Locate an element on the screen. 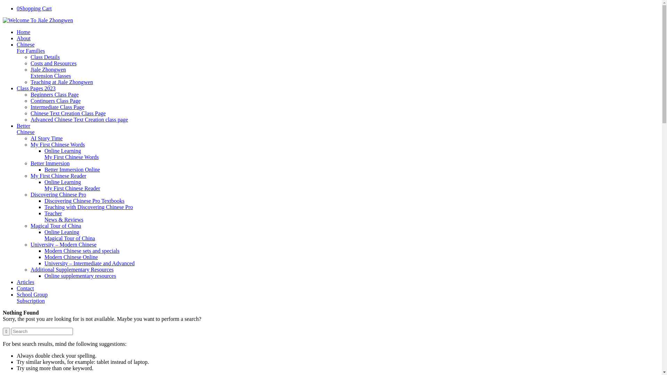  'Beginners Class Page' is located at coordinates (30, 94).